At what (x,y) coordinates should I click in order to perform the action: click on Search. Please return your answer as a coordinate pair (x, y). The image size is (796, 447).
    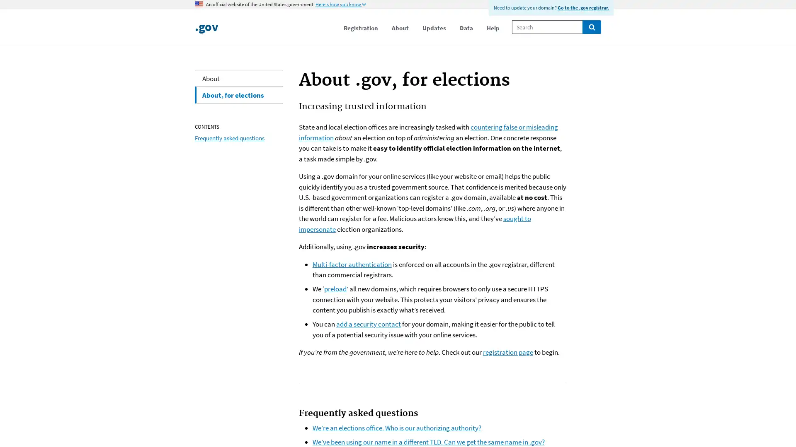
    Looking at the image, I should click on (591, 26).